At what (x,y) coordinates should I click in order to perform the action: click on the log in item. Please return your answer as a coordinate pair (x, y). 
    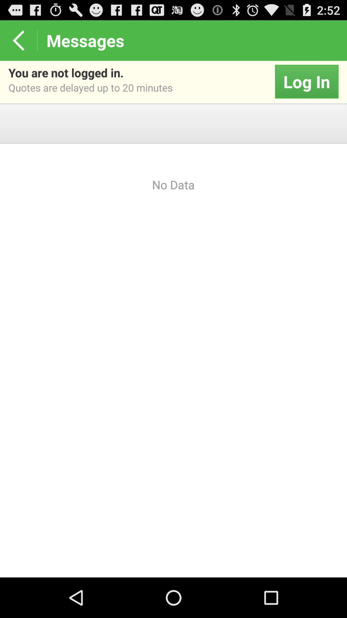
    Looking at the image, I should click on (306, 81).